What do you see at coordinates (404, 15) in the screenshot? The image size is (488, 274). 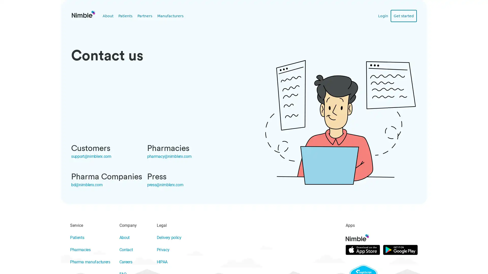 I see `Get started` at bounding box center [404, 15].